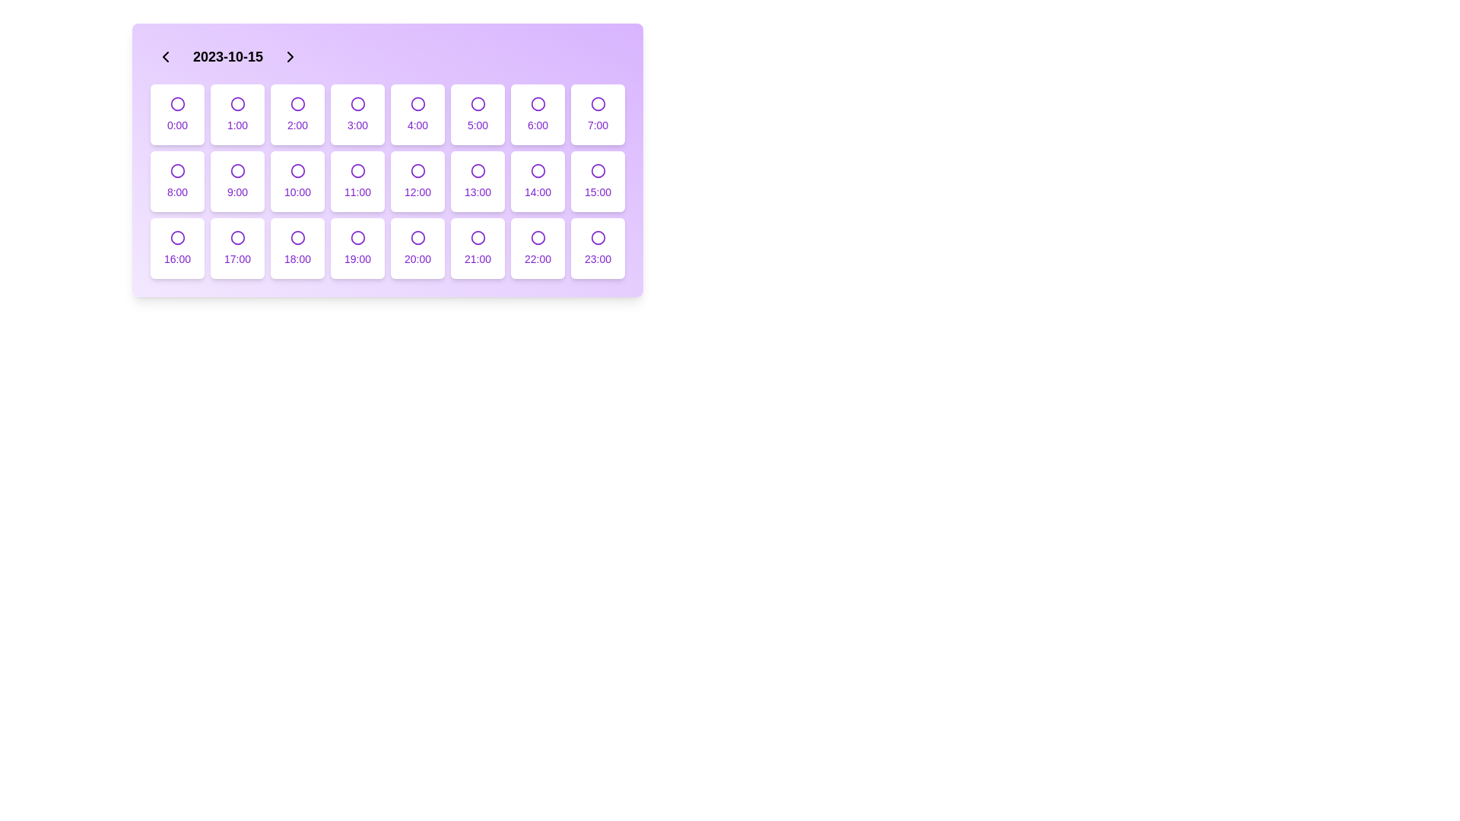  What do you see at coordinates (597, 237) in the screenshot?
I see `the circular Selectable icon with a thin stroke outline located in the '23:00' time slot` at bounding box center [597, 237].